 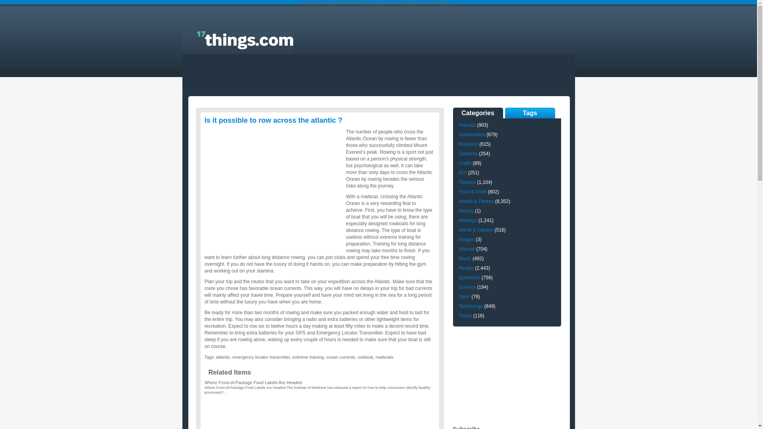 I want to click on 'History', so click(x=466, y=211).